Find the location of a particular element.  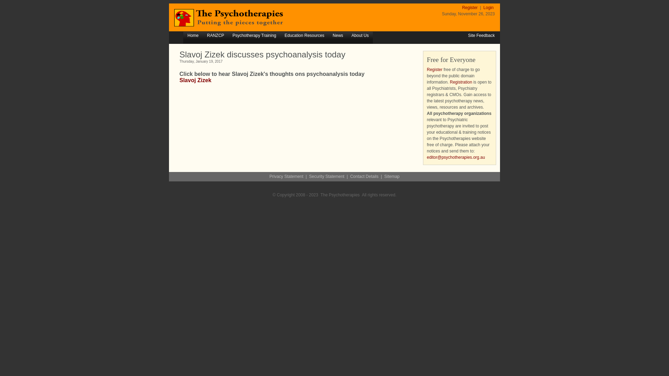

'Contact Details' is located at coordinates (364, 176).